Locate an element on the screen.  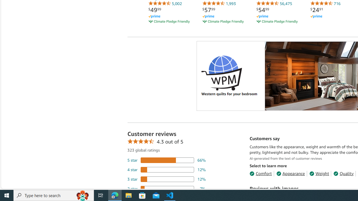
'1,993' is located at coordinates (219, 3).